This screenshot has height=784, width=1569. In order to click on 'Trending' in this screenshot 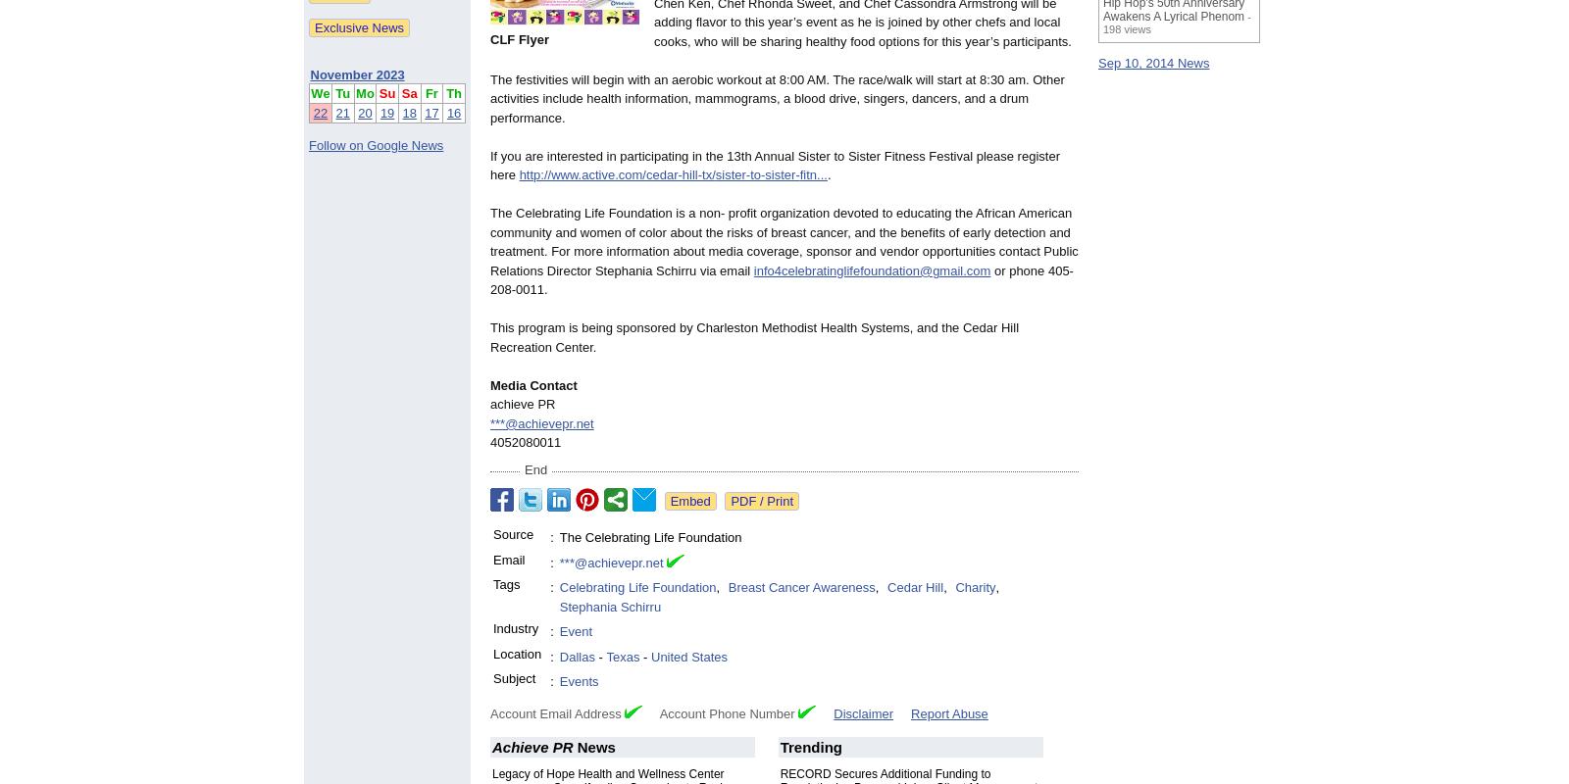, I will do `click(809, 746)`.